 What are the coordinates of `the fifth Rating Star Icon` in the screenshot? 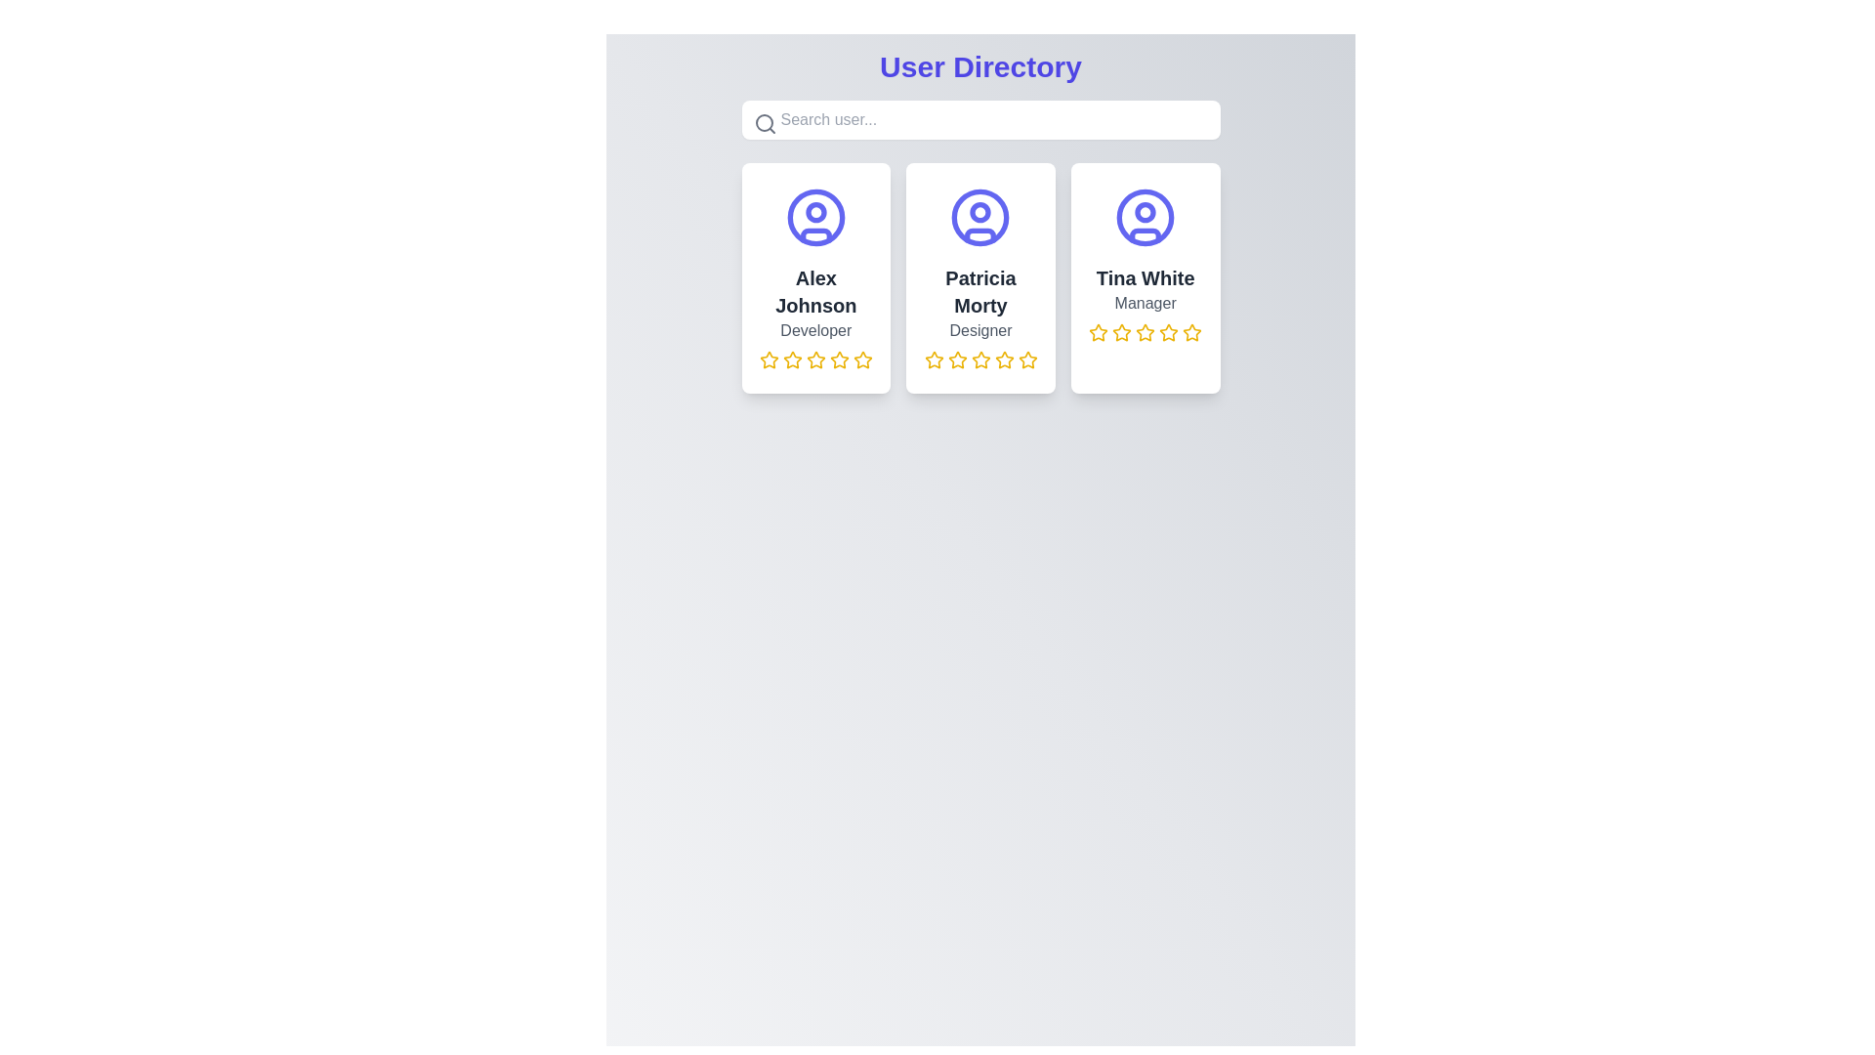 It's located at (861, 359).